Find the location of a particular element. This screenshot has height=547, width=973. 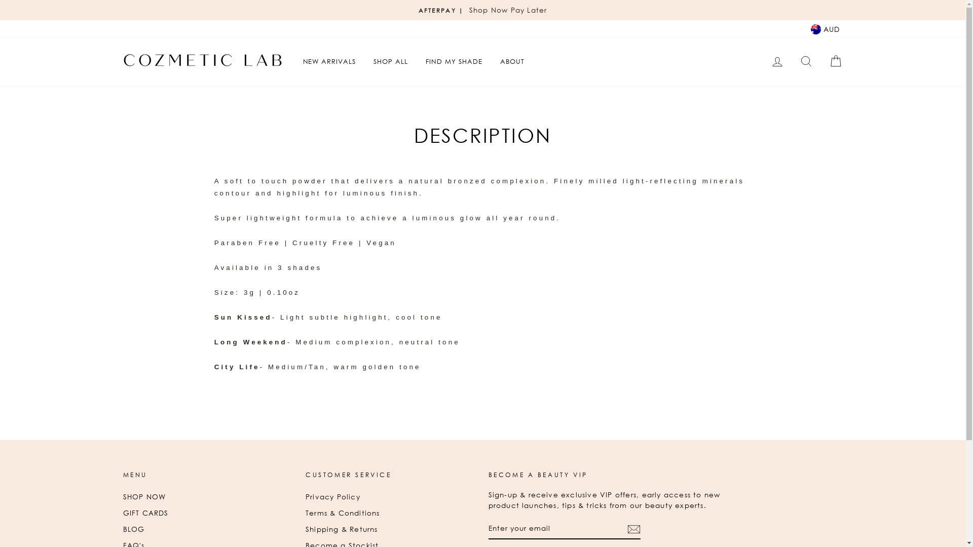

'AUD' is located at coordinates (825, 28).